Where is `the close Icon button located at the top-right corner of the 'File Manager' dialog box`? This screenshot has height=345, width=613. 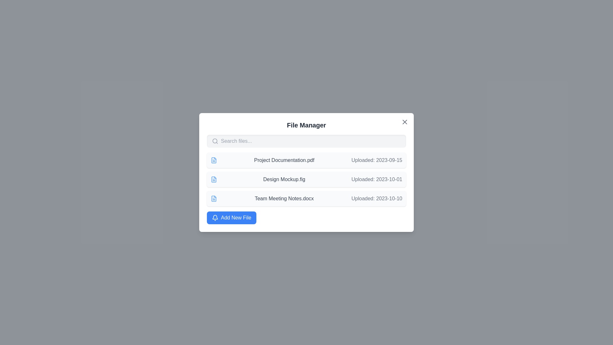
the close Icon button located at the top-right corner of the 'File Manager' dialog box is located at coordinates (404, 122).